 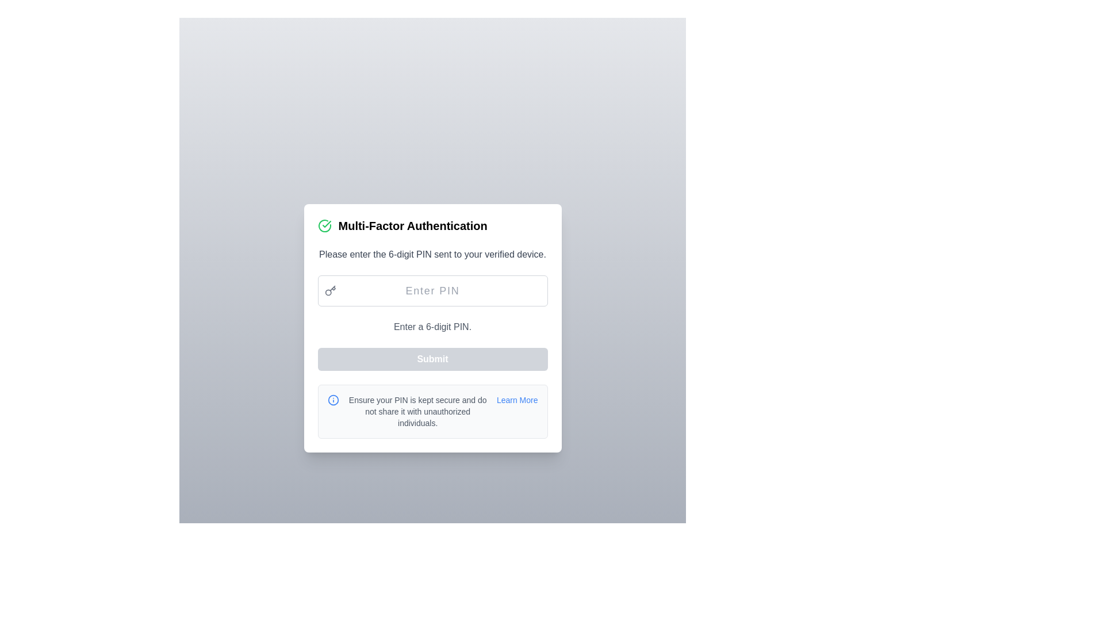 What do you see at coordinates (325, 224) in the screenshot?
I see `the Checkmark Icon, which is a green SVG symbol located in the top-right section of the modal dialogue box, representing success or confirmation` at bounding box center [325, 224].